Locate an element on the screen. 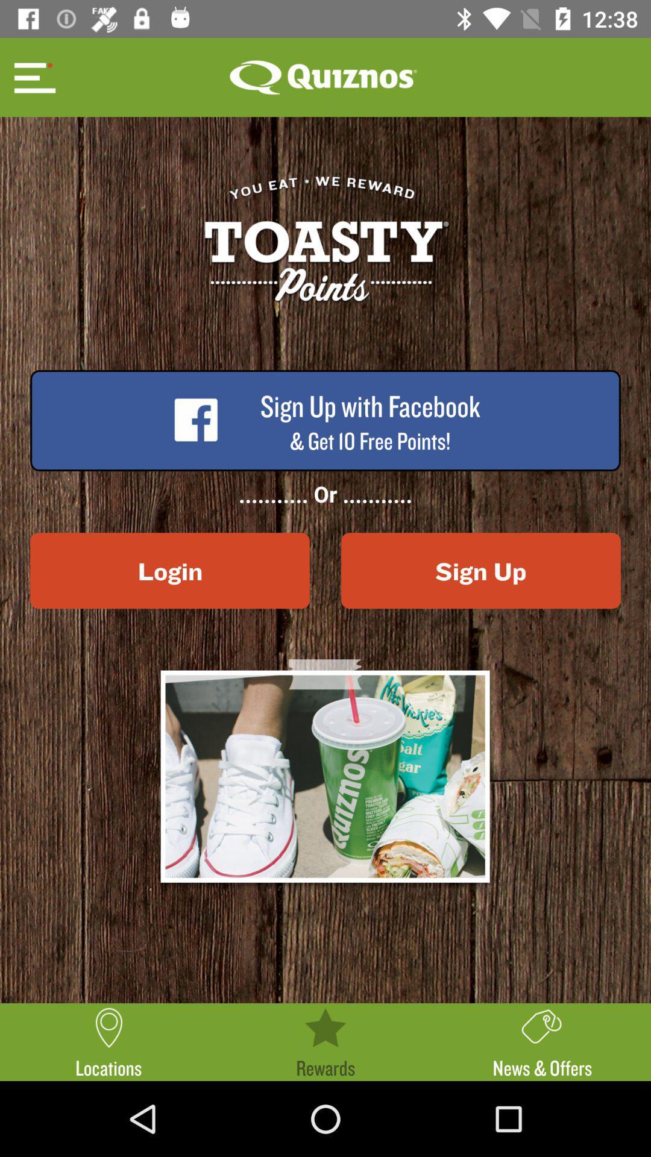 Image resolution: width=651 pixels, height=1157 pixels. the filter_list icon is located at coordinates (33, 77).